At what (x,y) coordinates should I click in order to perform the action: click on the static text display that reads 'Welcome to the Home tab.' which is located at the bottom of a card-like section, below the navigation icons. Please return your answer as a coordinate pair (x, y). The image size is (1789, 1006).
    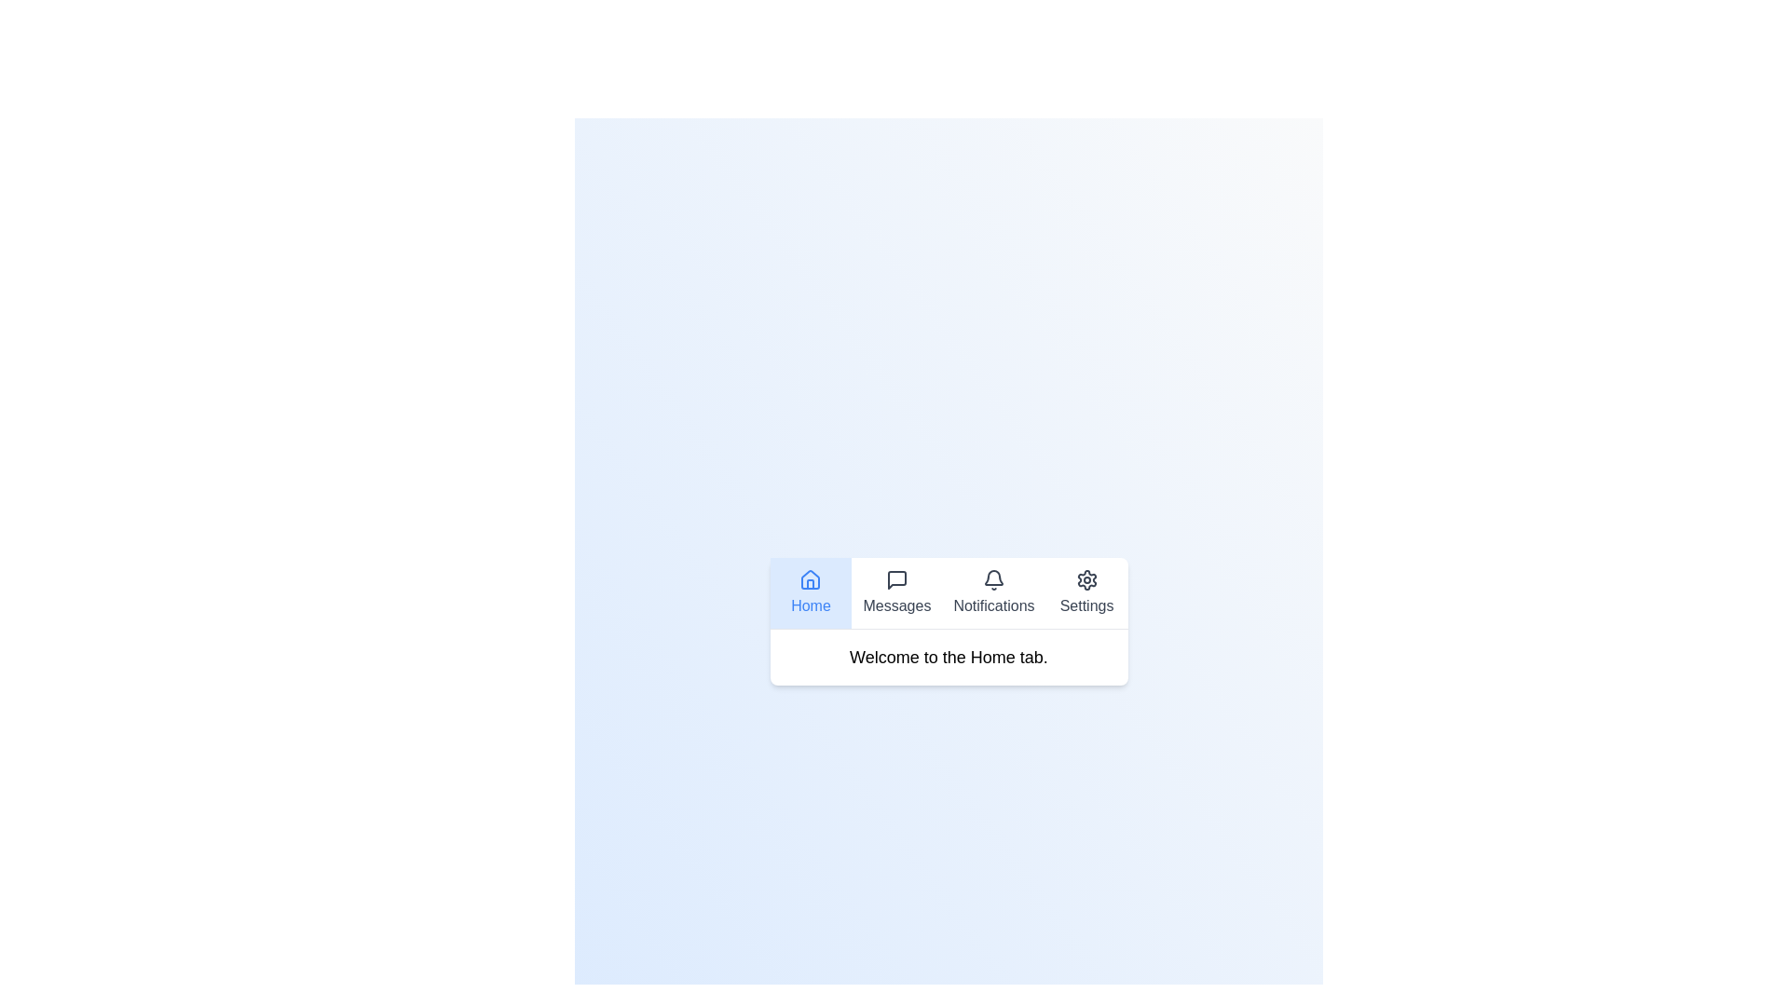
    Looking at the image, I should click on (949, 656).